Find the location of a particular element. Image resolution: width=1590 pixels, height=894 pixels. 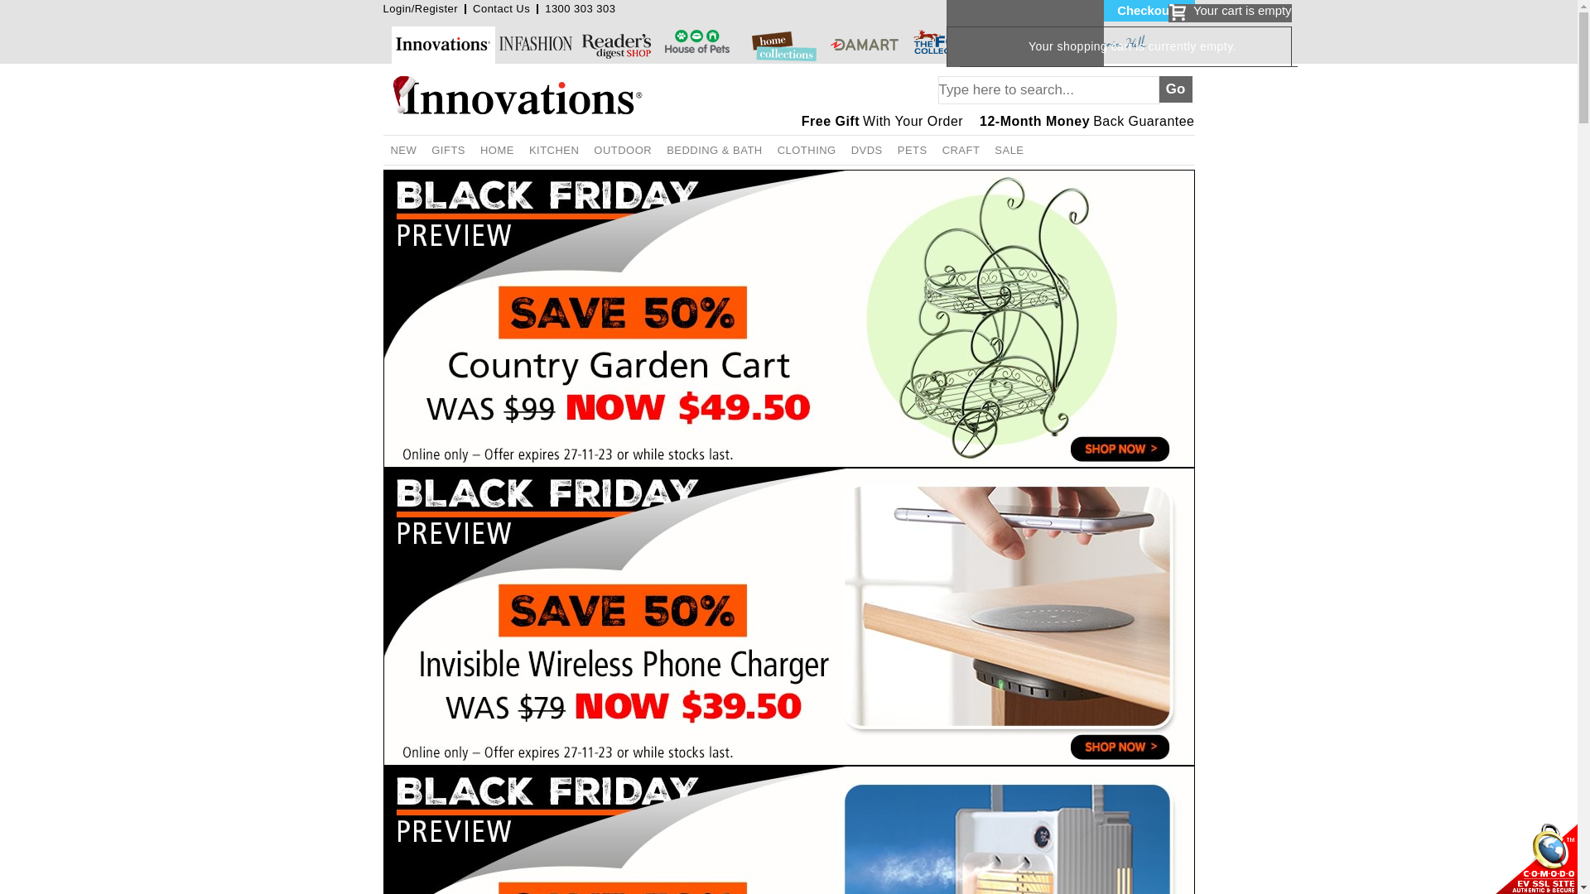

'CLOTHING' is located at coordinates (769, 150).